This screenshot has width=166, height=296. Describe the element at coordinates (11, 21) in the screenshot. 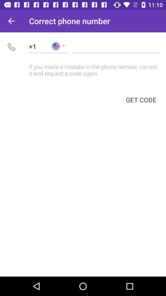

I see `icon next to correct phone number item` at that location.